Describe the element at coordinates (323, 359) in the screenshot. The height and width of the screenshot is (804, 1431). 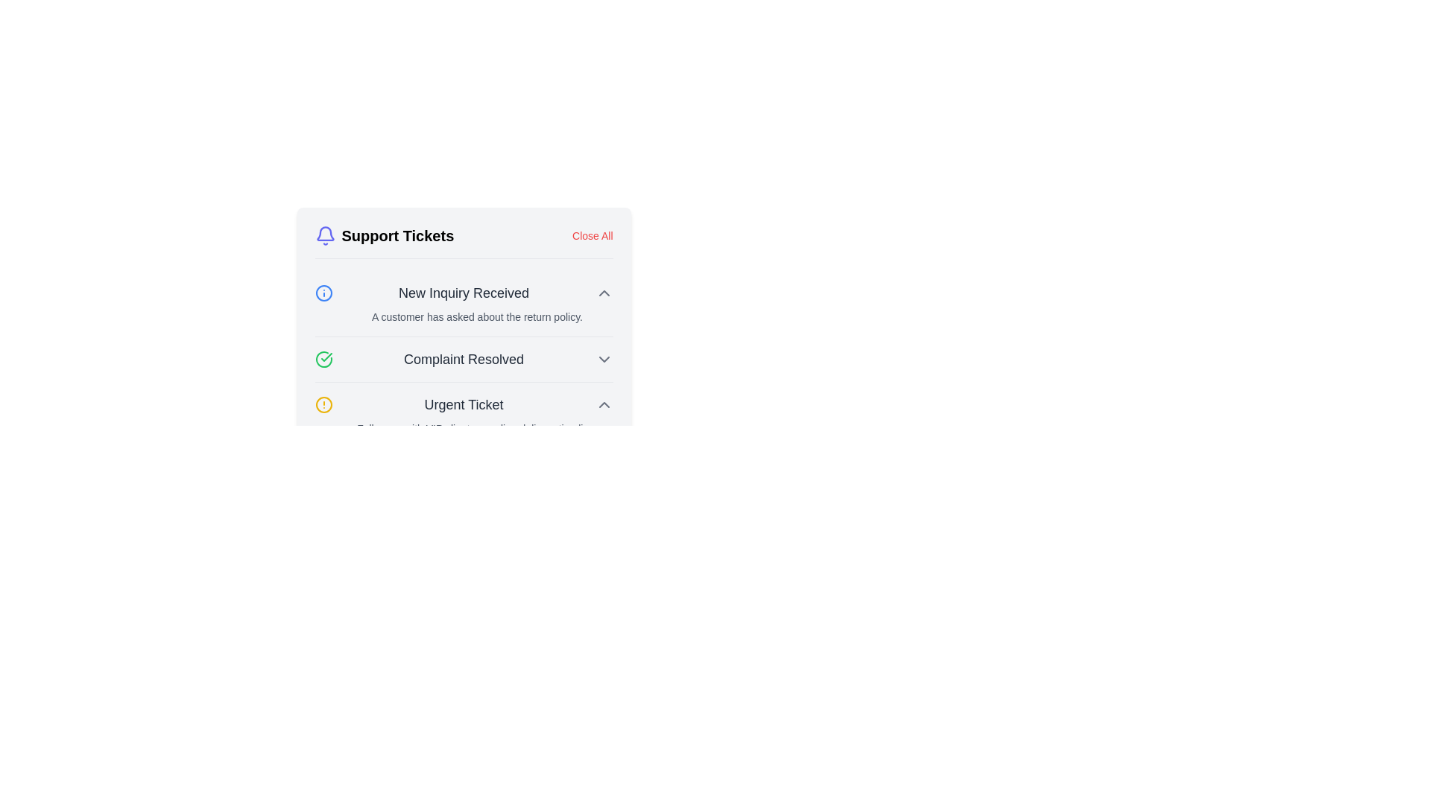
I see `the resolution status icon located to the left of the 'Complaint Resolved' label in the support tickets list` at that location.